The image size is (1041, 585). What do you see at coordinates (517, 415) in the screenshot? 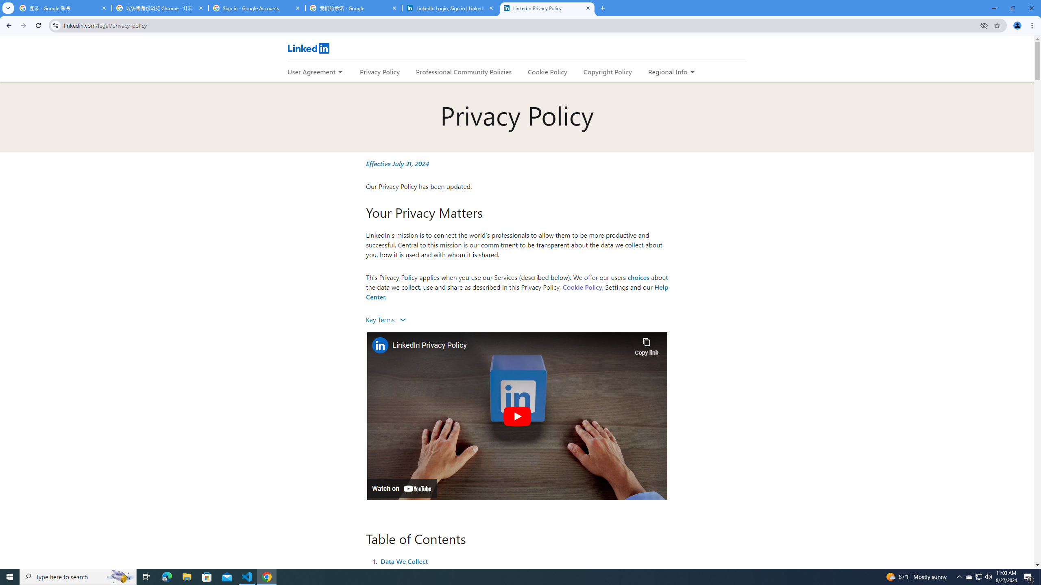
I see `'Play'` at bounding box center [517, 415].